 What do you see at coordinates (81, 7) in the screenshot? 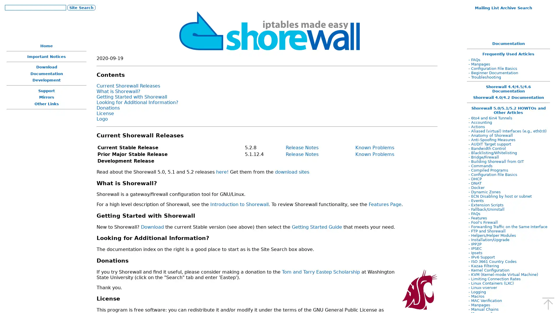
I see `Site Search` at bounding box center [81, 7].